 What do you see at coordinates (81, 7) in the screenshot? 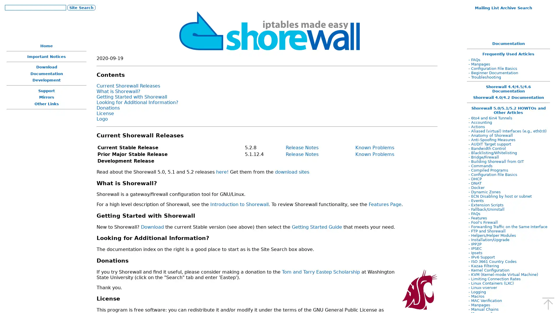
I see `Site Search` at bounding box center [81, 7].